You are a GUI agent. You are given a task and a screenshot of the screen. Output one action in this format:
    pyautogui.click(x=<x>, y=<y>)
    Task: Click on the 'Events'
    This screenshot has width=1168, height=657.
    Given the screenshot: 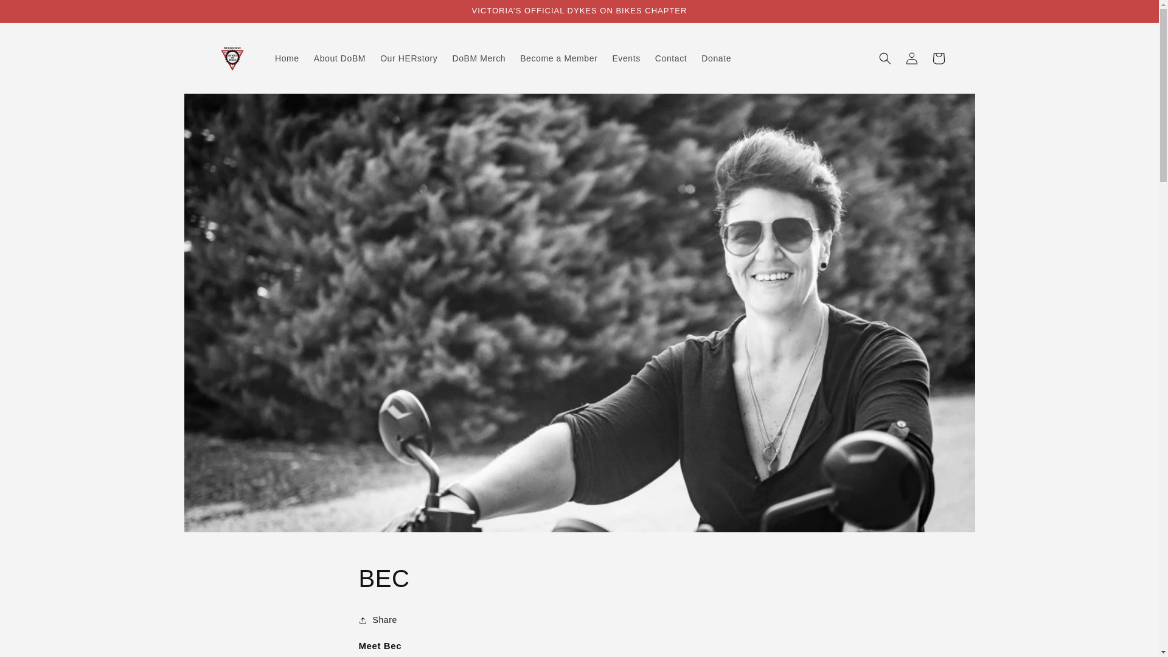 What is the action you would take?
    pyautogui.click(x=625, y=58)
    